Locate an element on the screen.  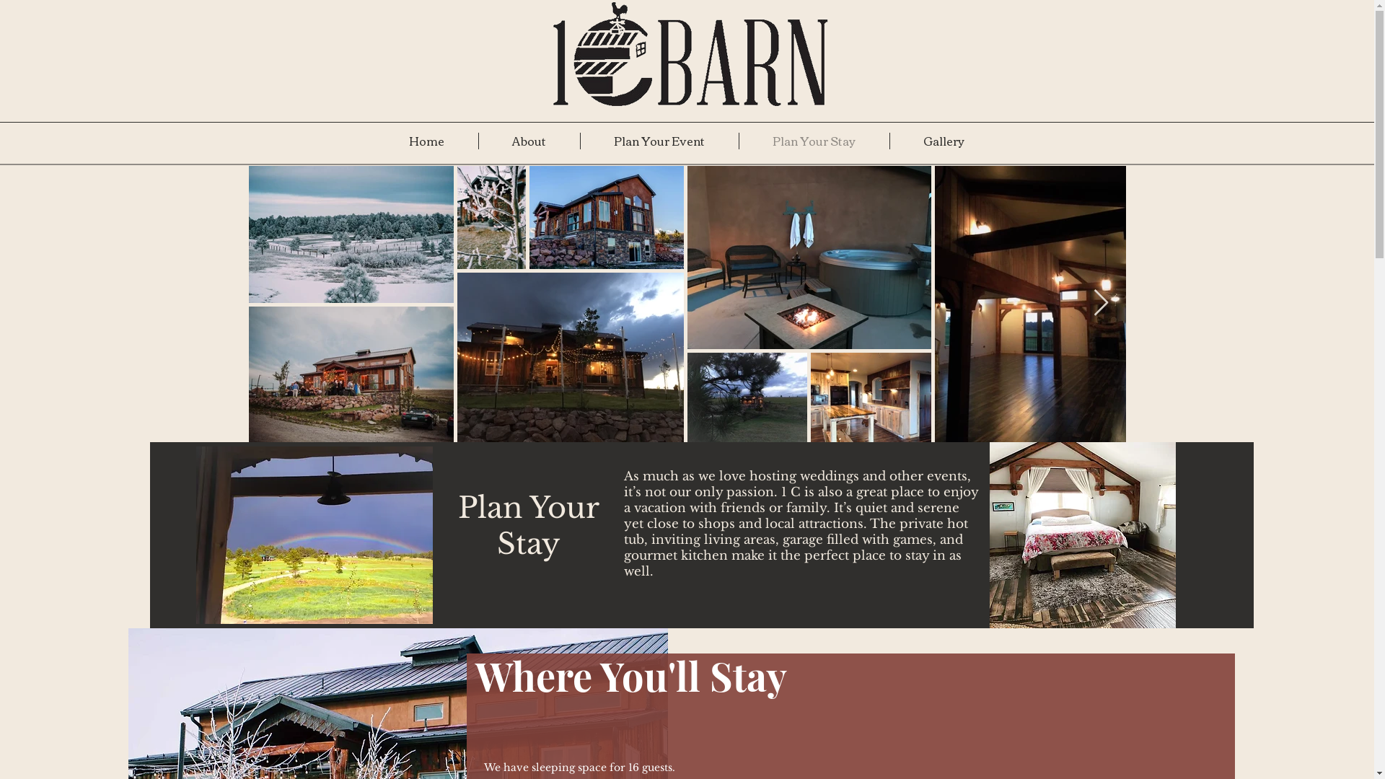
'Home' is located at coordinates (425, 141).